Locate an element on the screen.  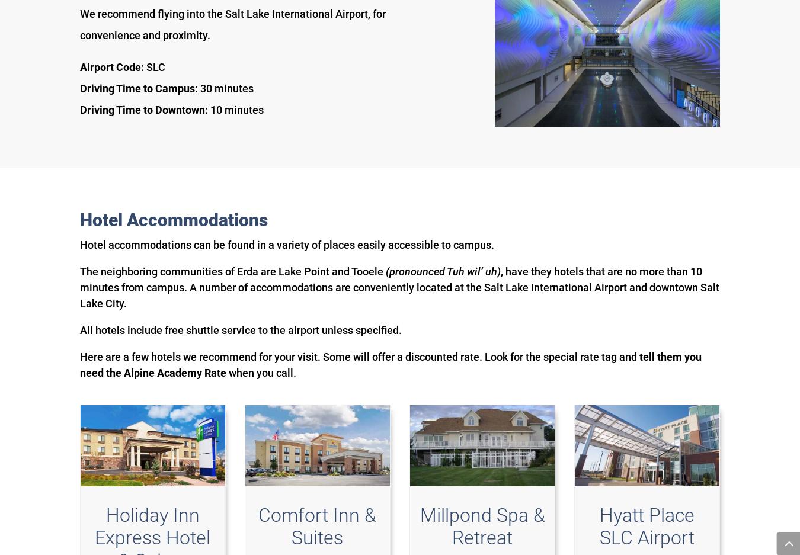
'Millpond Spa & Retreat' is located at coordinates (418, 525).